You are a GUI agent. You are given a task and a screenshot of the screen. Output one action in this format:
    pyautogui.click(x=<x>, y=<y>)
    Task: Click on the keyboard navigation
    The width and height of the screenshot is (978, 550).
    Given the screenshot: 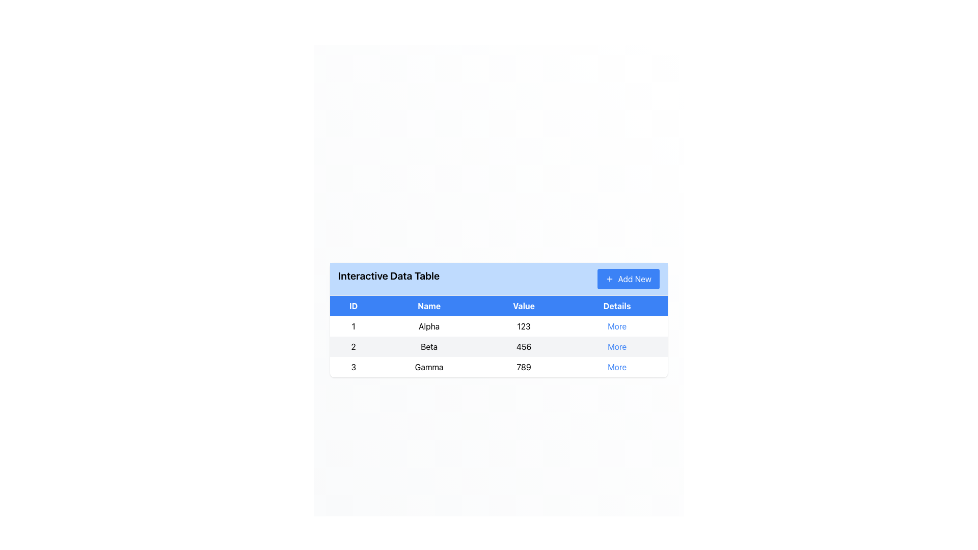 What is the action you would take?
    pyautogui.click(x=499, y=326)
    